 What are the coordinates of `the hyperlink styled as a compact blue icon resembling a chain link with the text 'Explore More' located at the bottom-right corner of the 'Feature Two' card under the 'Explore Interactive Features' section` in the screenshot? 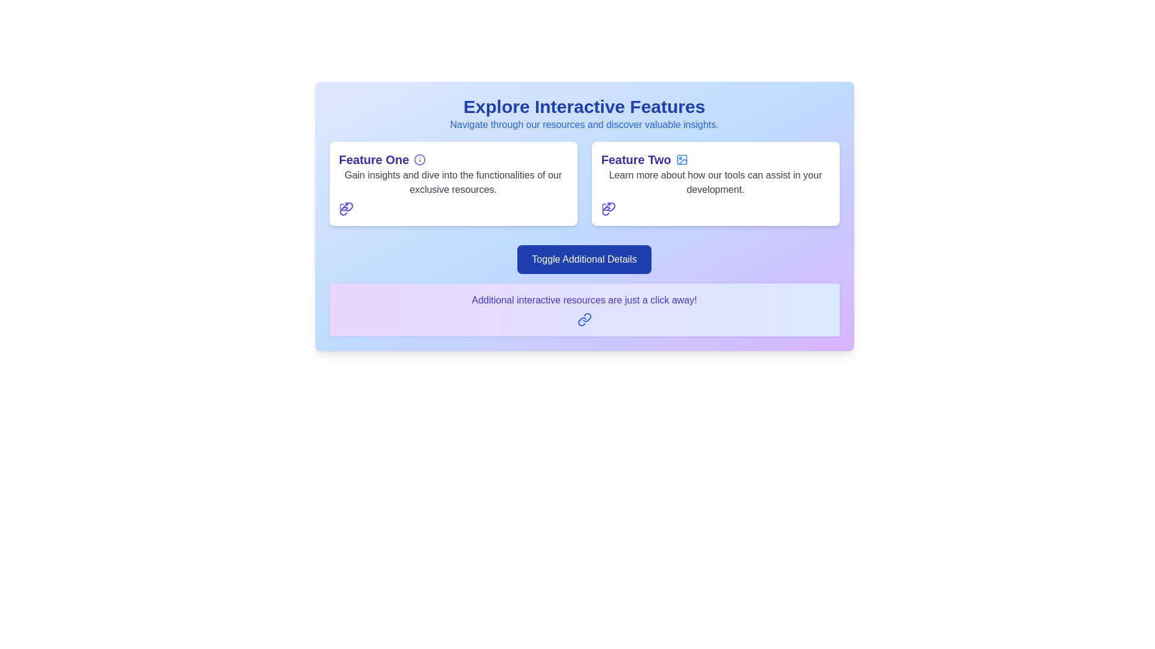 It's located at (608, 208).